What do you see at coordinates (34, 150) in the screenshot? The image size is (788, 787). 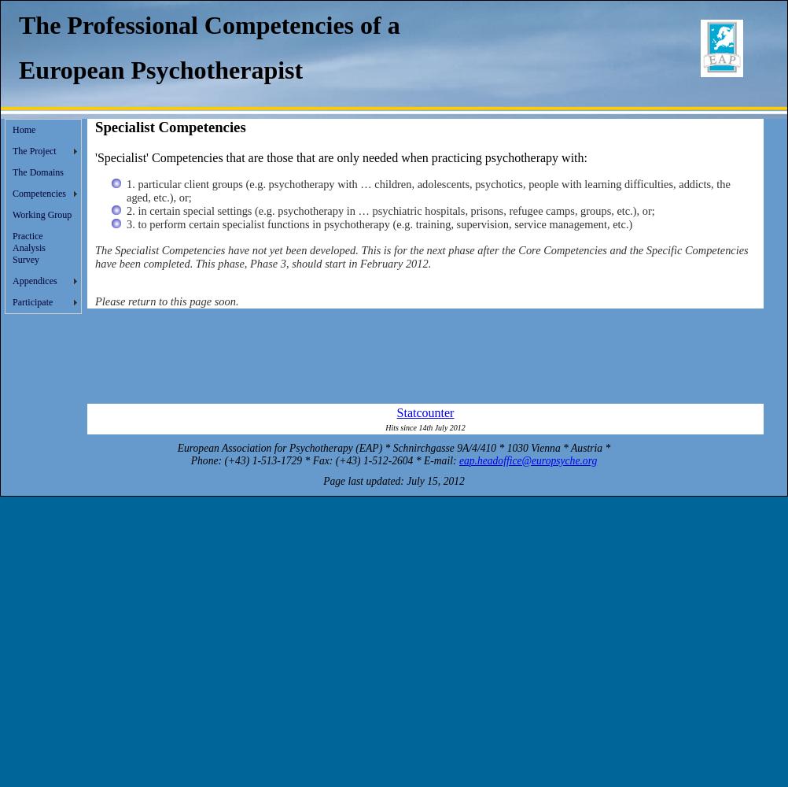 I see `'The Project'` at bounding box center [34, 150].